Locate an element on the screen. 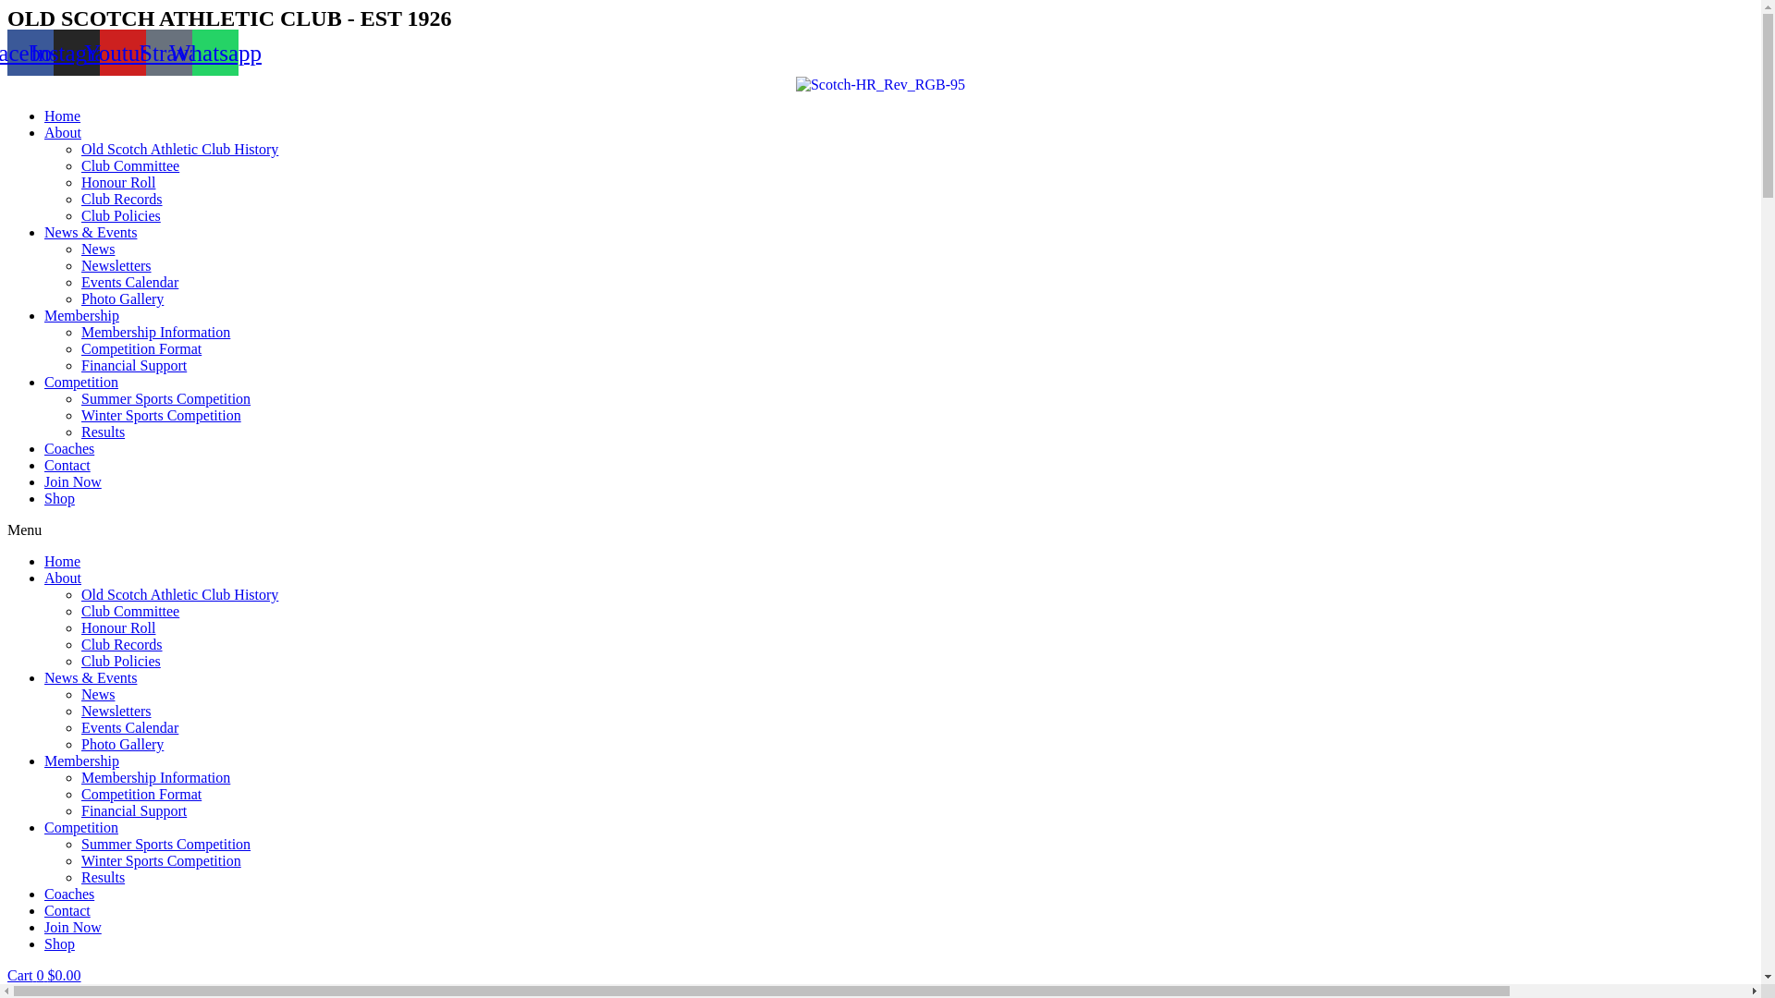 The image size is (1775, 998). 'Club Records' is located at coordinates (80, 643).